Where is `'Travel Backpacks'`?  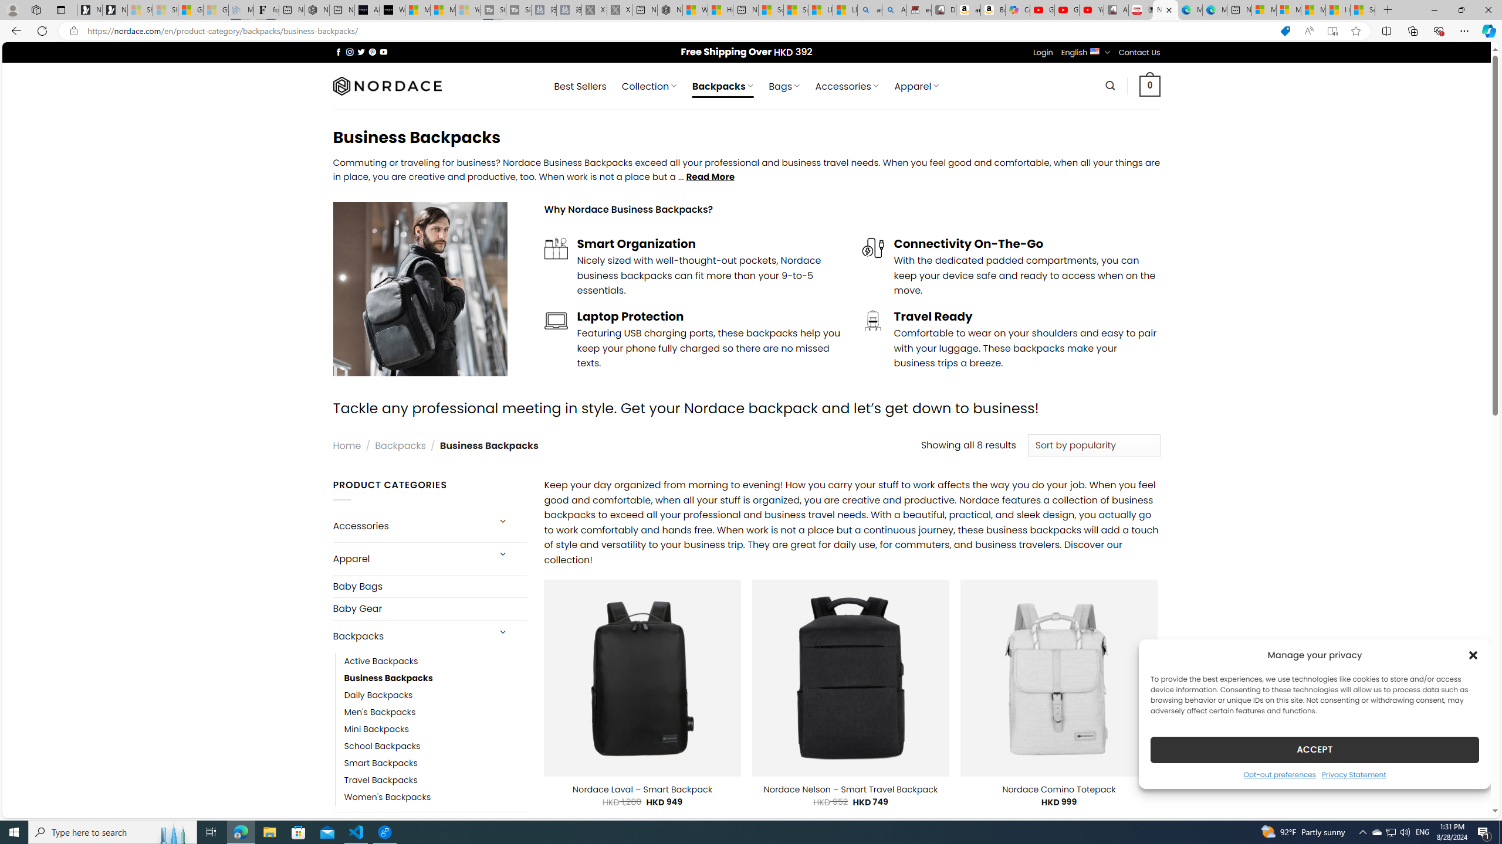 'Travel Backpacks' is located at coordinates (380, 780).